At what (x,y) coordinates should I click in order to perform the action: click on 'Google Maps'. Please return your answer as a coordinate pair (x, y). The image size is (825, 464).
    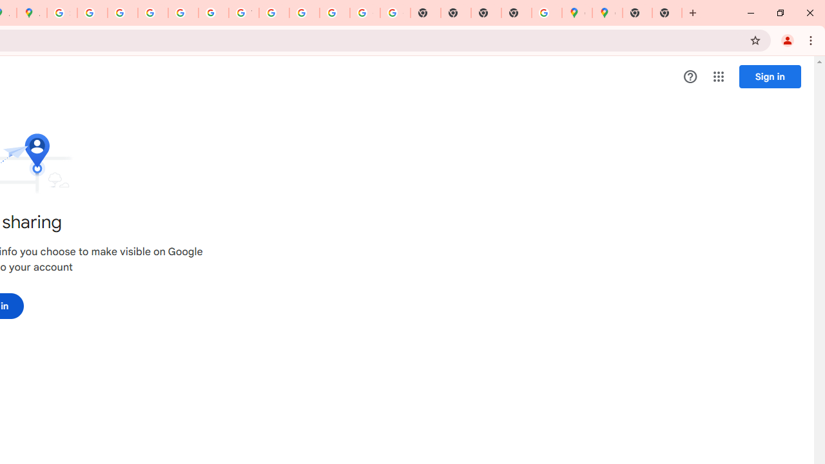
    Looking at the image, I should click on (576, 13).